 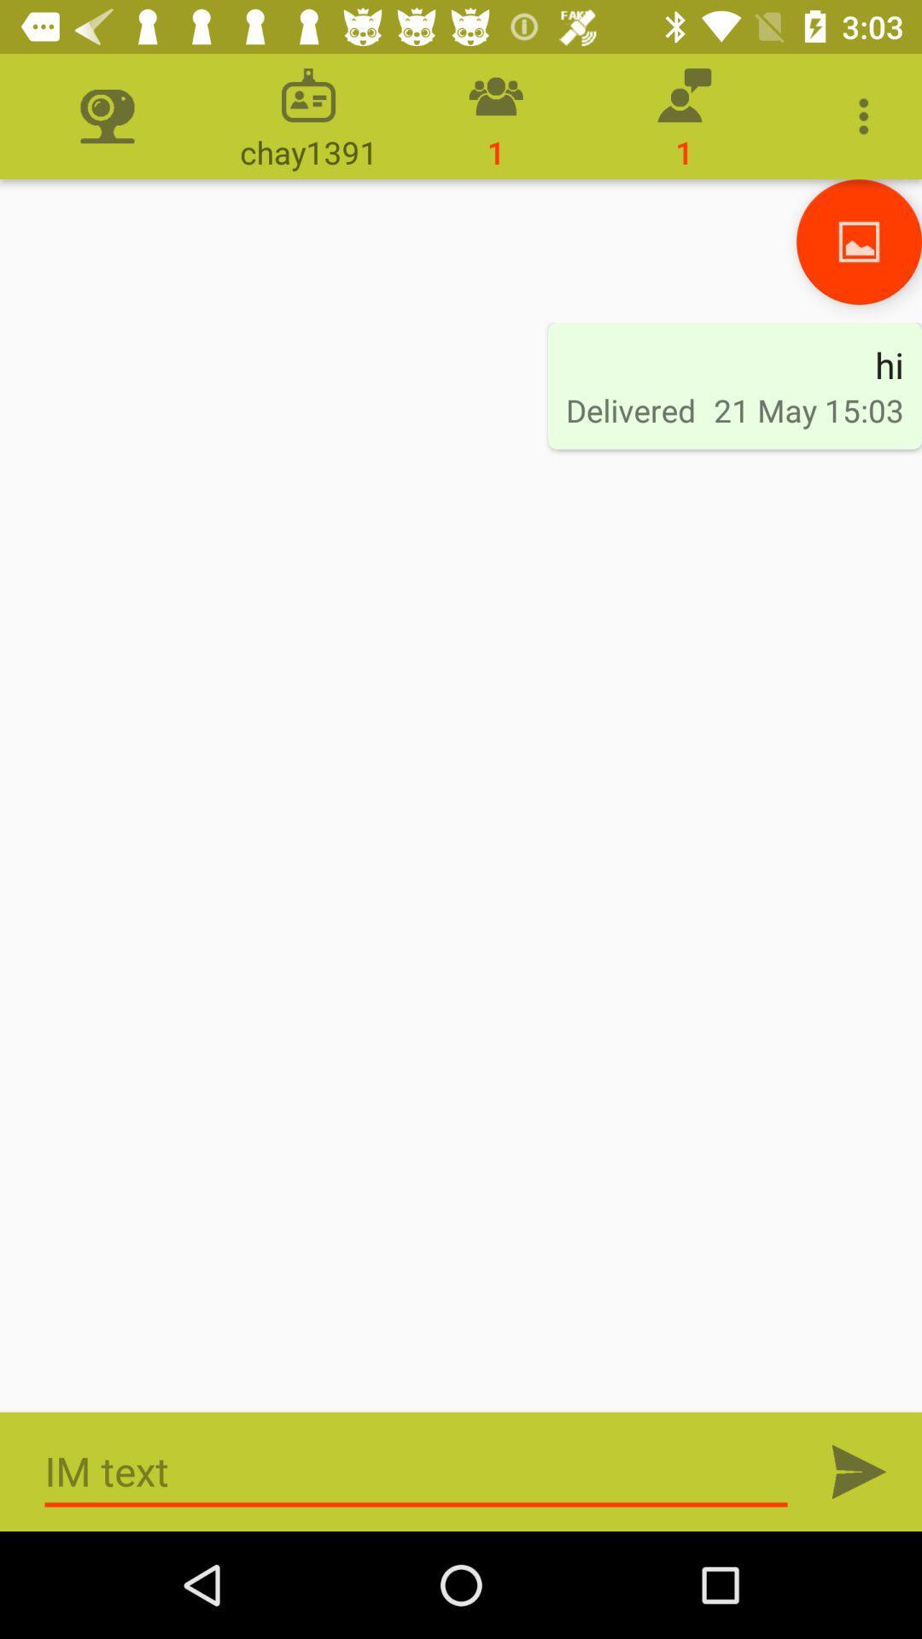 What do you see at coordinates (859, 241) in the screenshot?
I see `the wallpaper icon` at bounding box center [859, 241].